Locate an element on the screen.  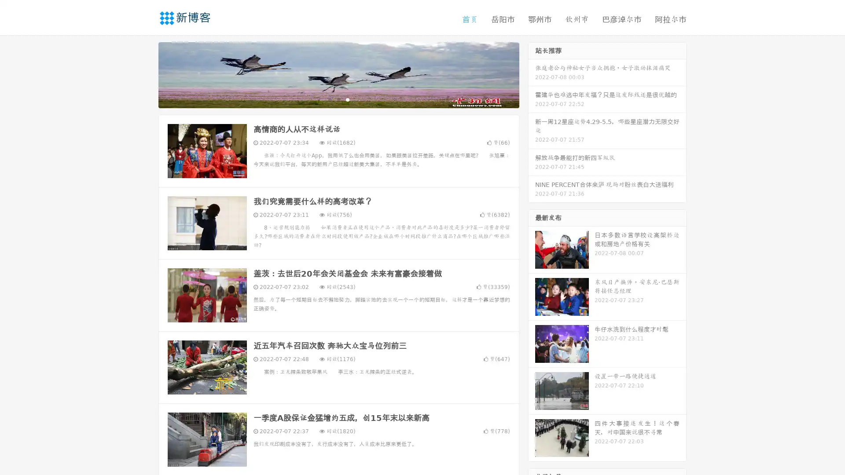
Previous slide is located at coordinates (145, 74).